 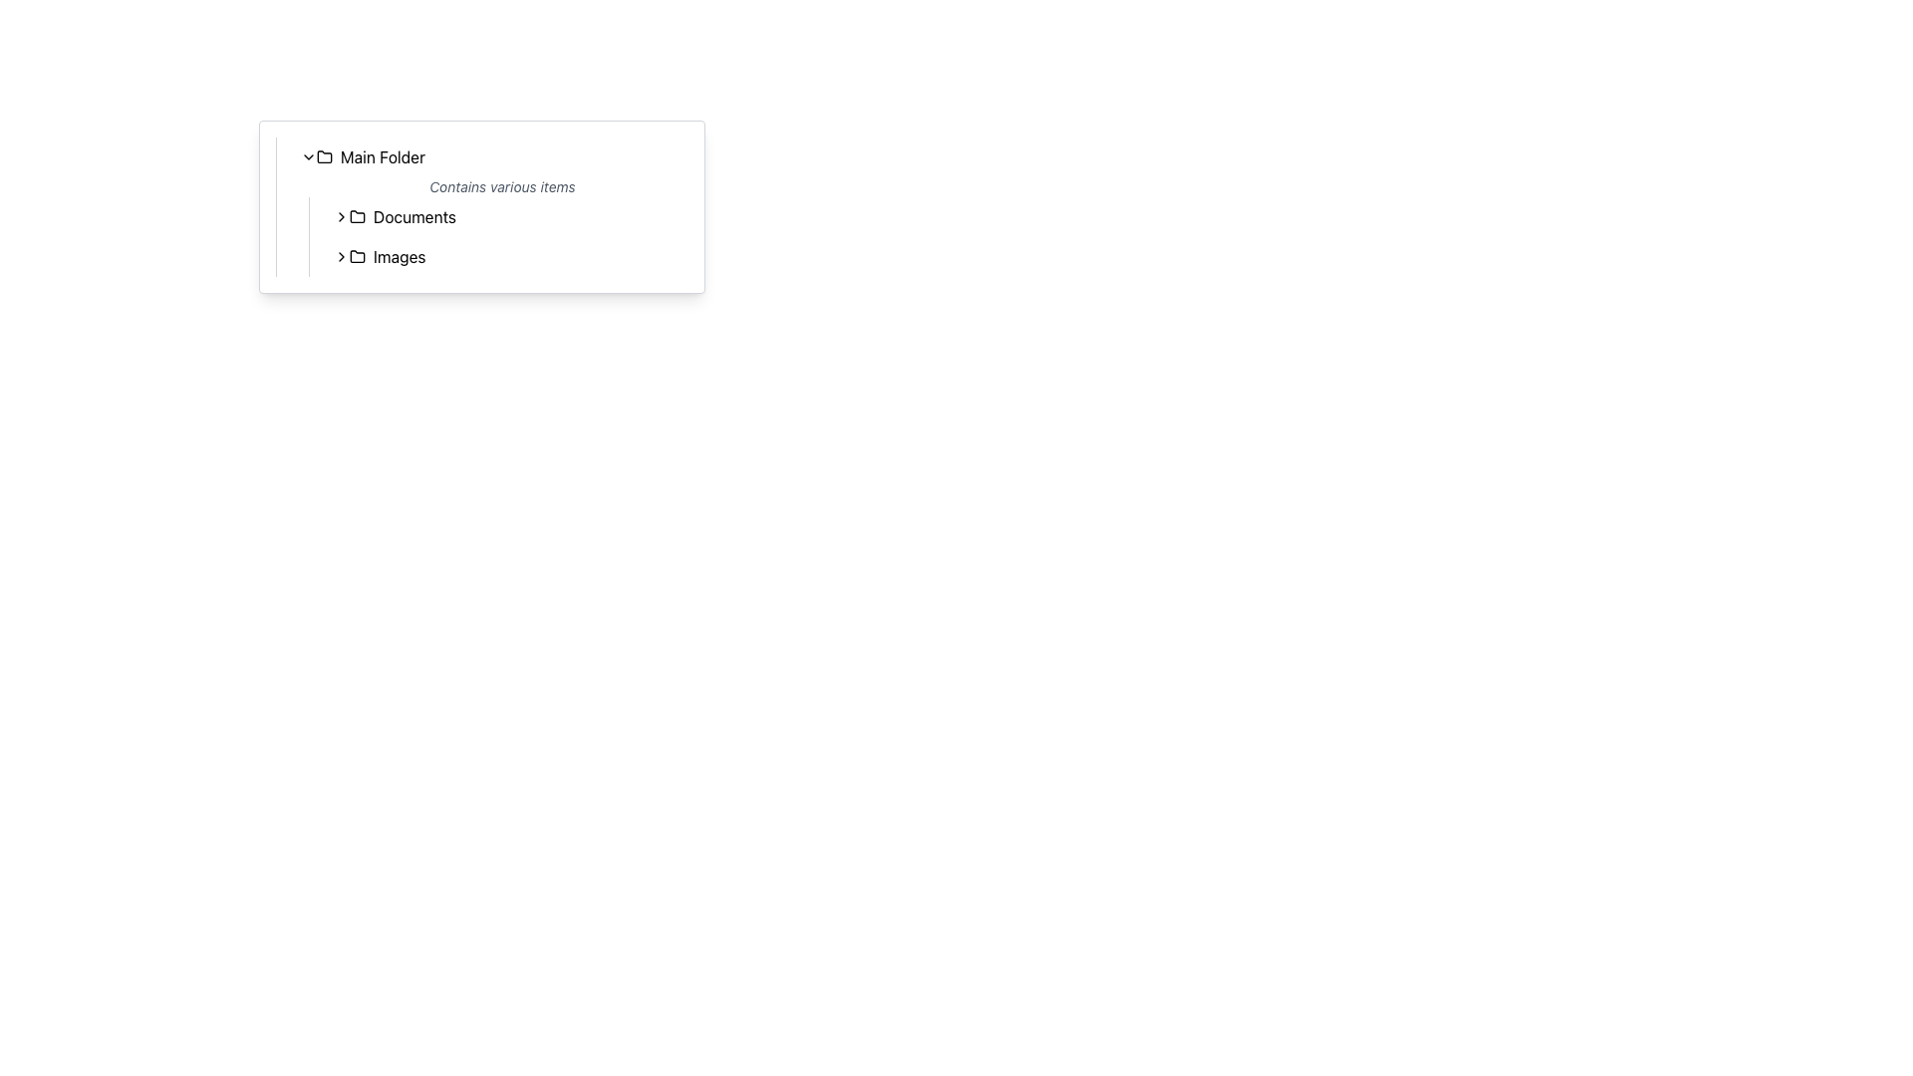 I want to click on the collapsible indicator icon for the 'Images' folder, so click(x=341, y=256).